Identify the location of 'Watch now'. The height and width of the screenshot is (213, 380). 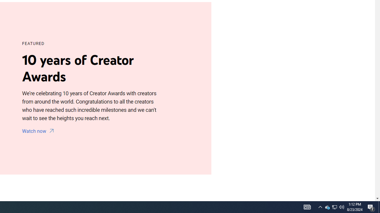
(39, 131).